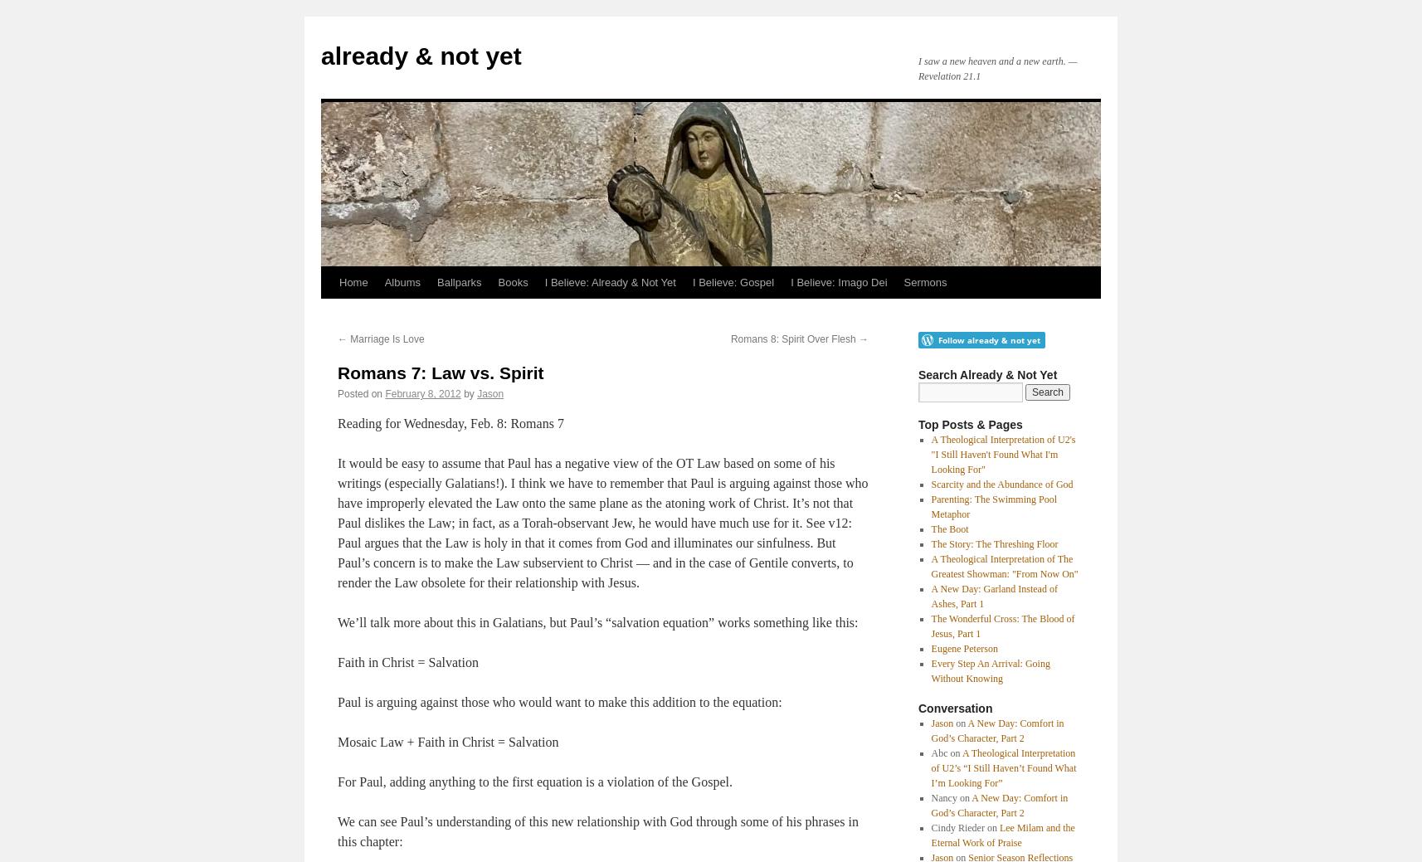 The image size is (1422, 862). I want to click on 'Paul is arguing against those who would want to make this addition to the equation:', so click(558, 701).